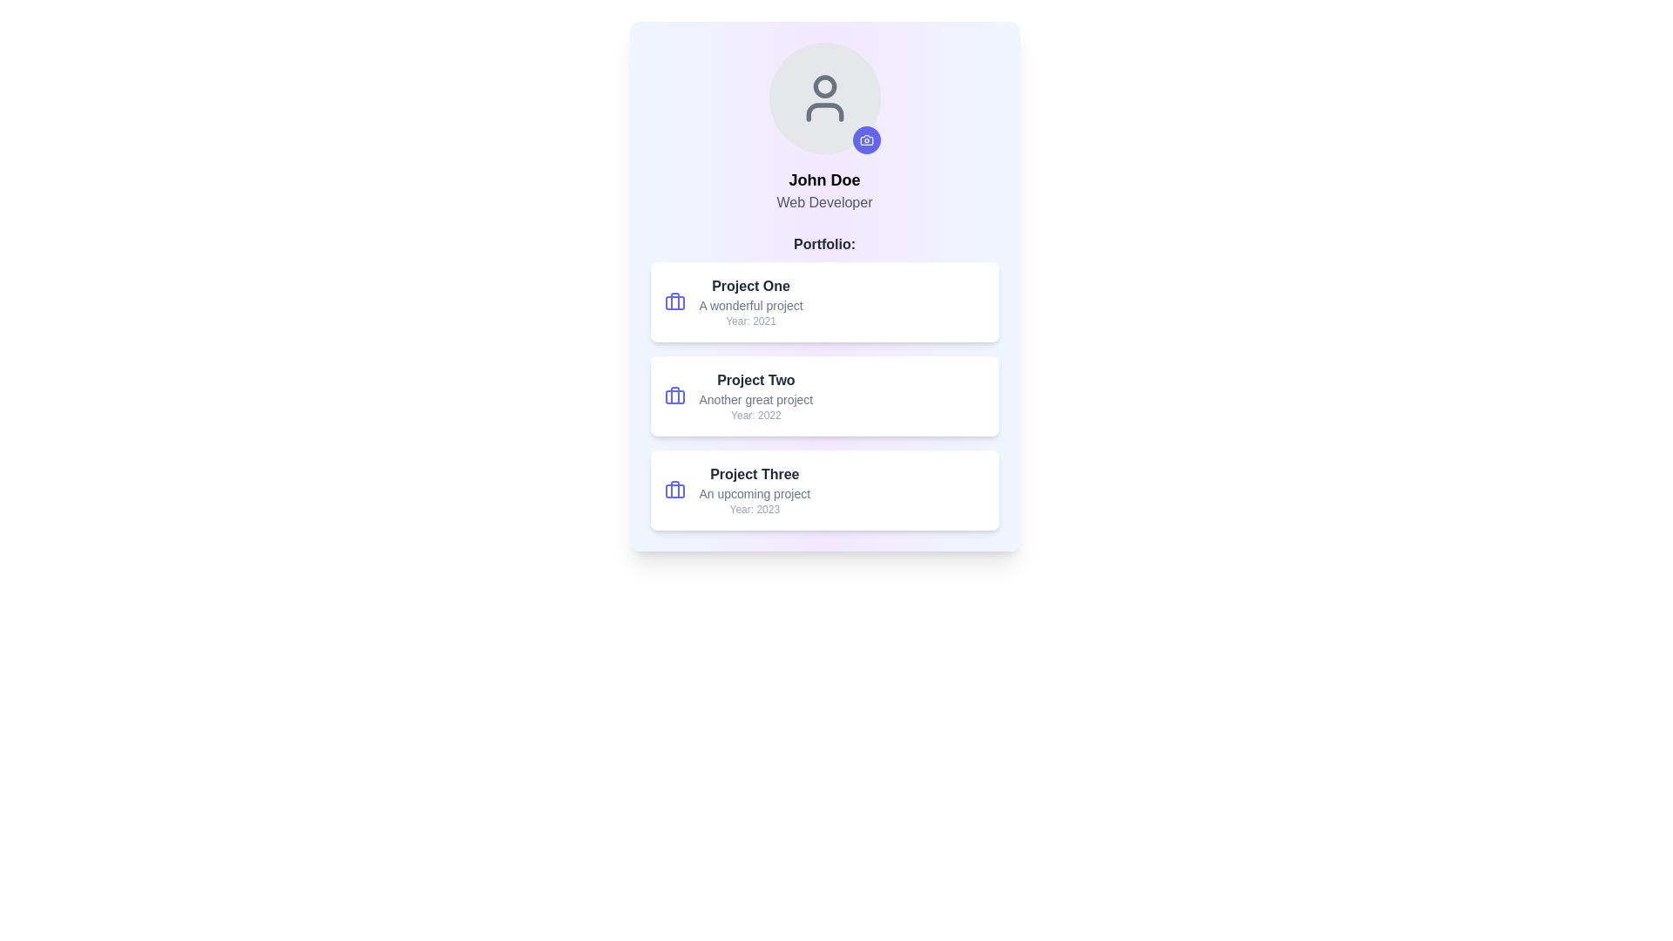 The width and height of the screenshot is (1673, 941). What do you see at coordinates (755, 494) in the screenshot?
I see `the static text label displaying 'An upcoming project' located under the 'Project Three' header` at bounding box center [755, 494].